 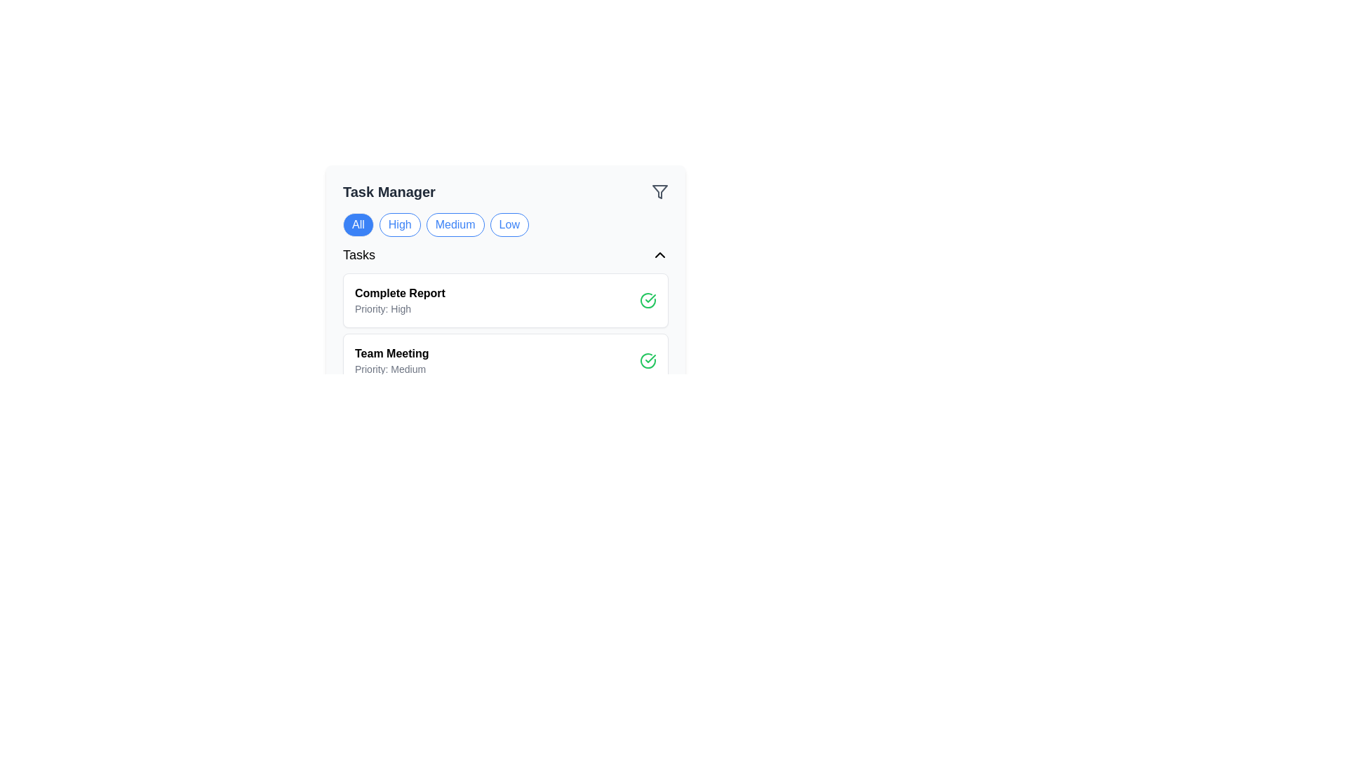 What do you see at coordinates (358, 224) in the screenshot?
I see `the Filter button labeled 'All', which has a rounded pill shape with a blue background and white text` at bounding box center [358, 224].